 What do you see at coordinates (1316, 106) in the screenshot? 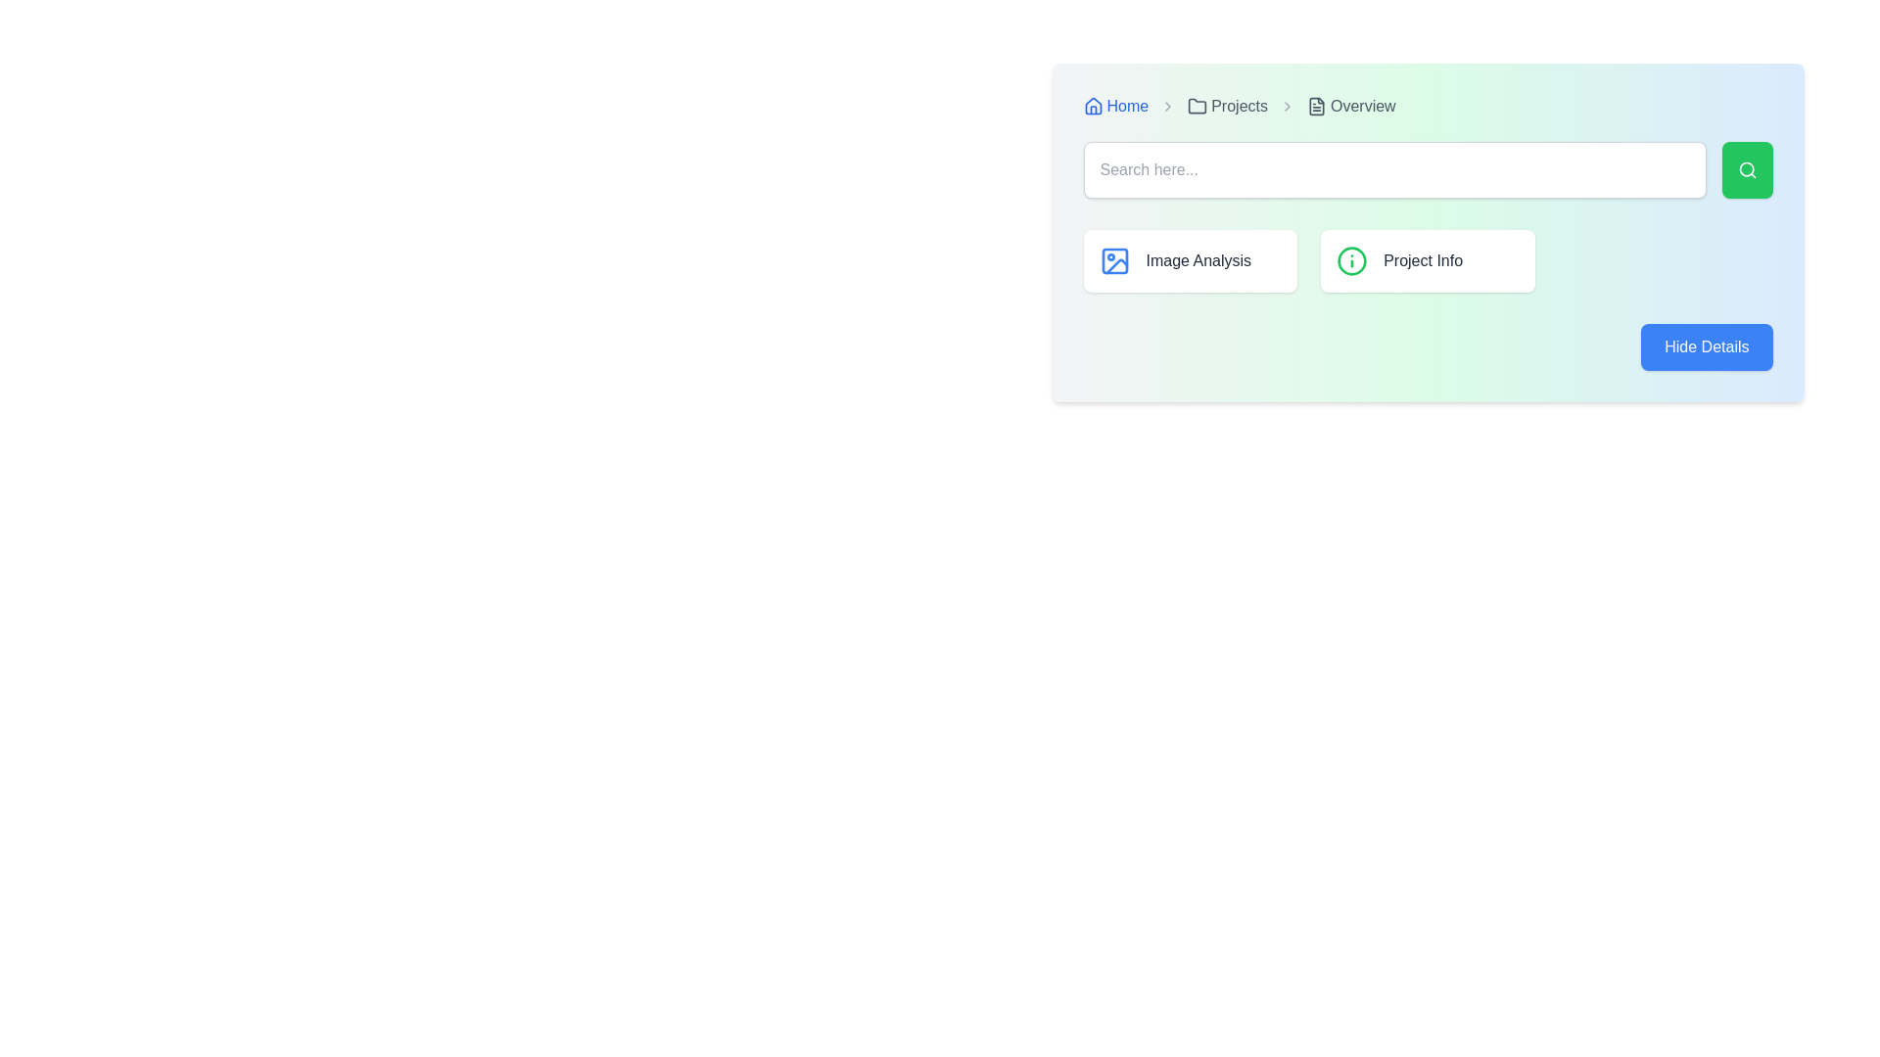
I see `the breadcrumb navigation icon located to the left of the 'Overview' label` at bounding box center [1316, 106].